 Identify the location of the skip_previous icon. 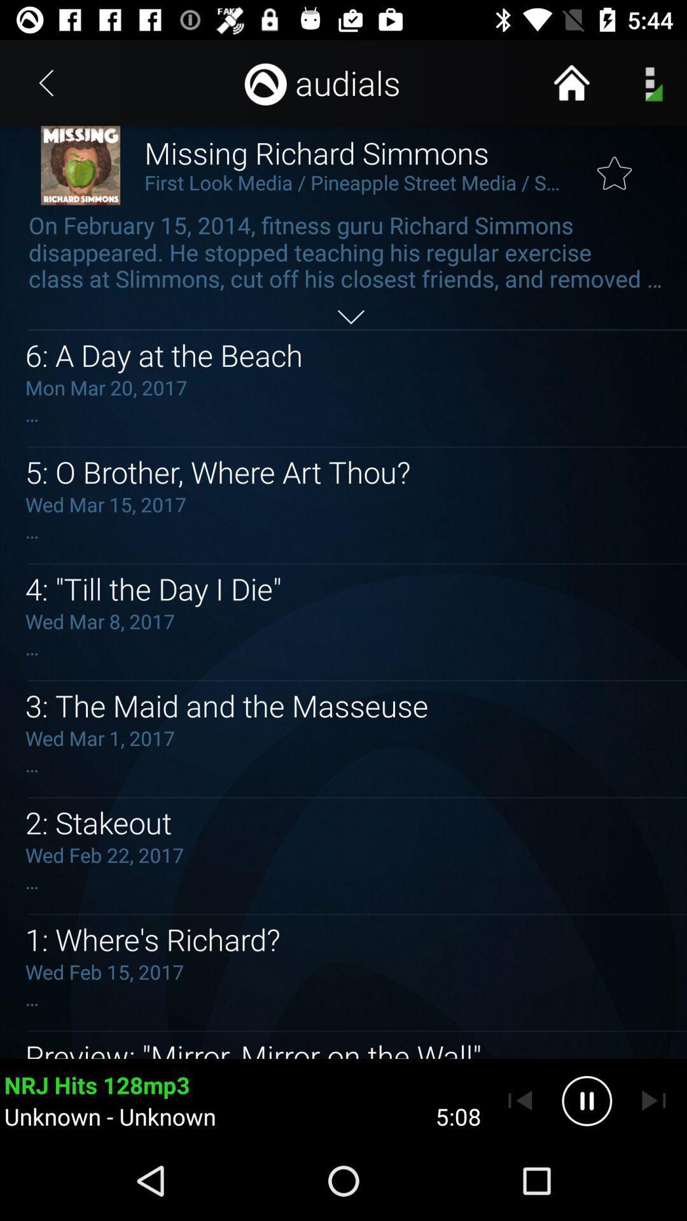
(520, 1100).